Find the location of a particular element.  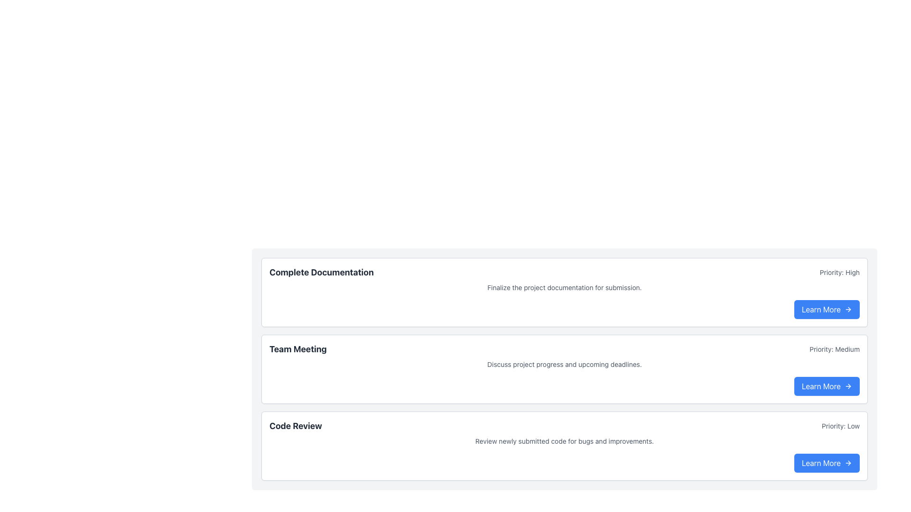

the arrow icon within the blue 'Learn More' button in the third row labeled 'Code Review.' is located at coordinates (849, 462).